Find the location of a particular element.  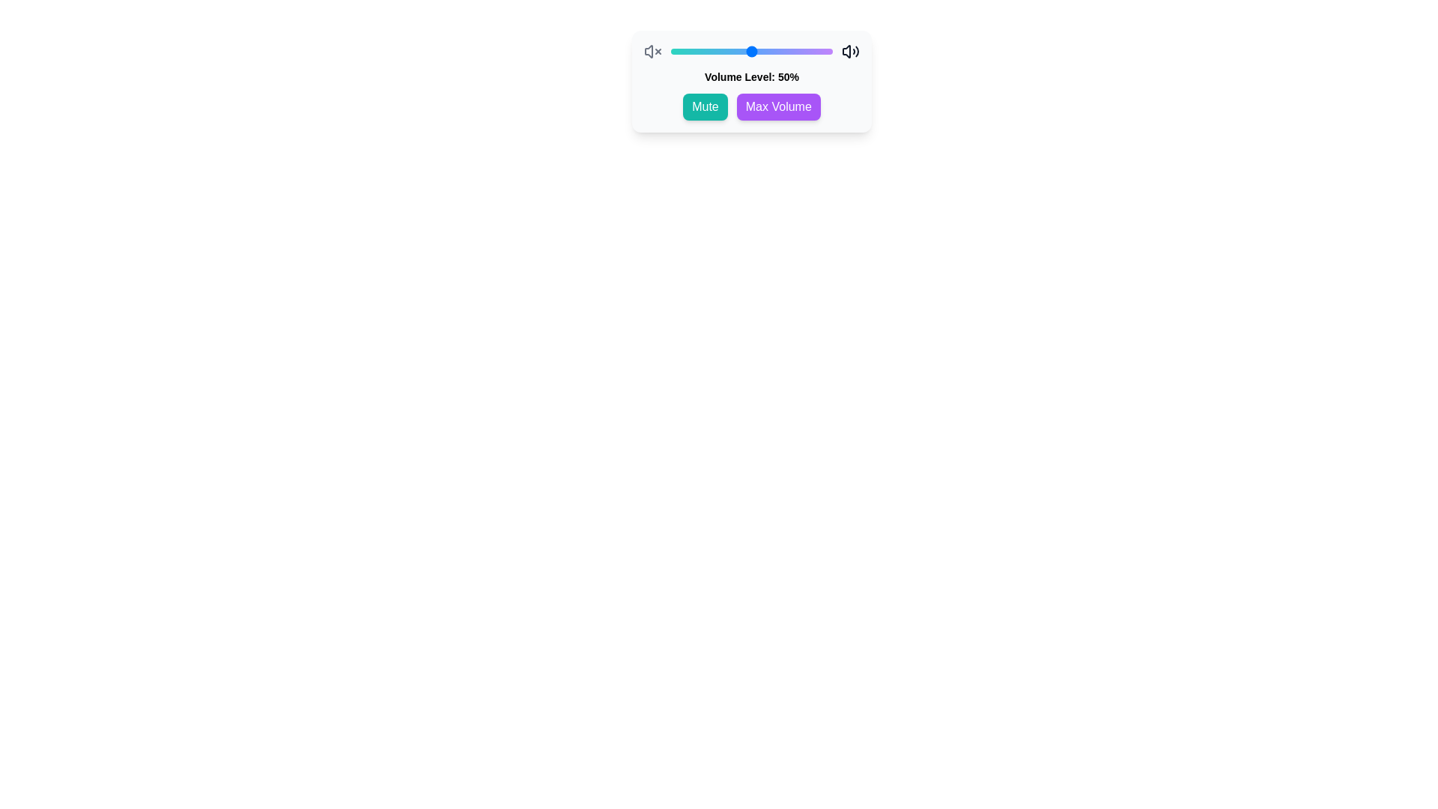

the volume slider to set the volume level to 96% is located at coordinates (825, 51).